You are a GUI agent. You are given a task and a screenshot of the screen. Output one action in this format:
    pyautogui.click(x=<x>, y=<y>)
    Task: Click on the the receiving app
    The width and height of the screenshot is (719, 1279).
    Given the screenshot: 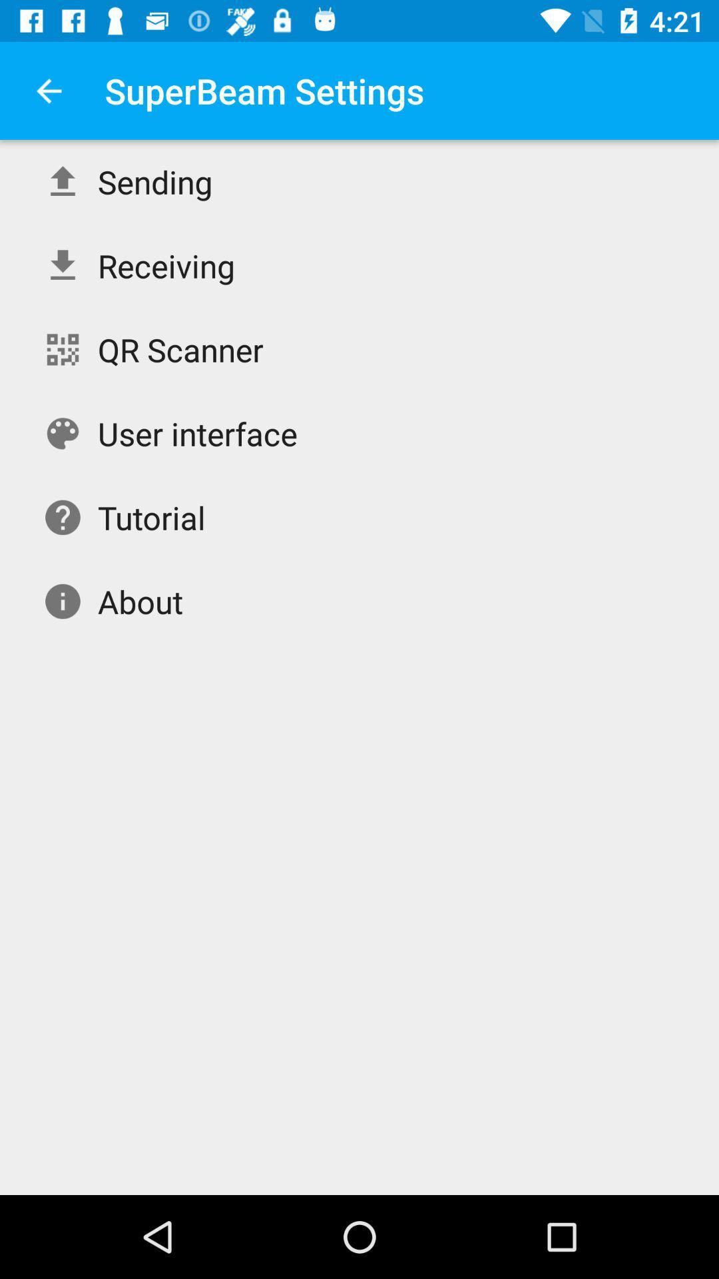 What is the action you would take?
    pyautogui.click(x=166, y=265)
    